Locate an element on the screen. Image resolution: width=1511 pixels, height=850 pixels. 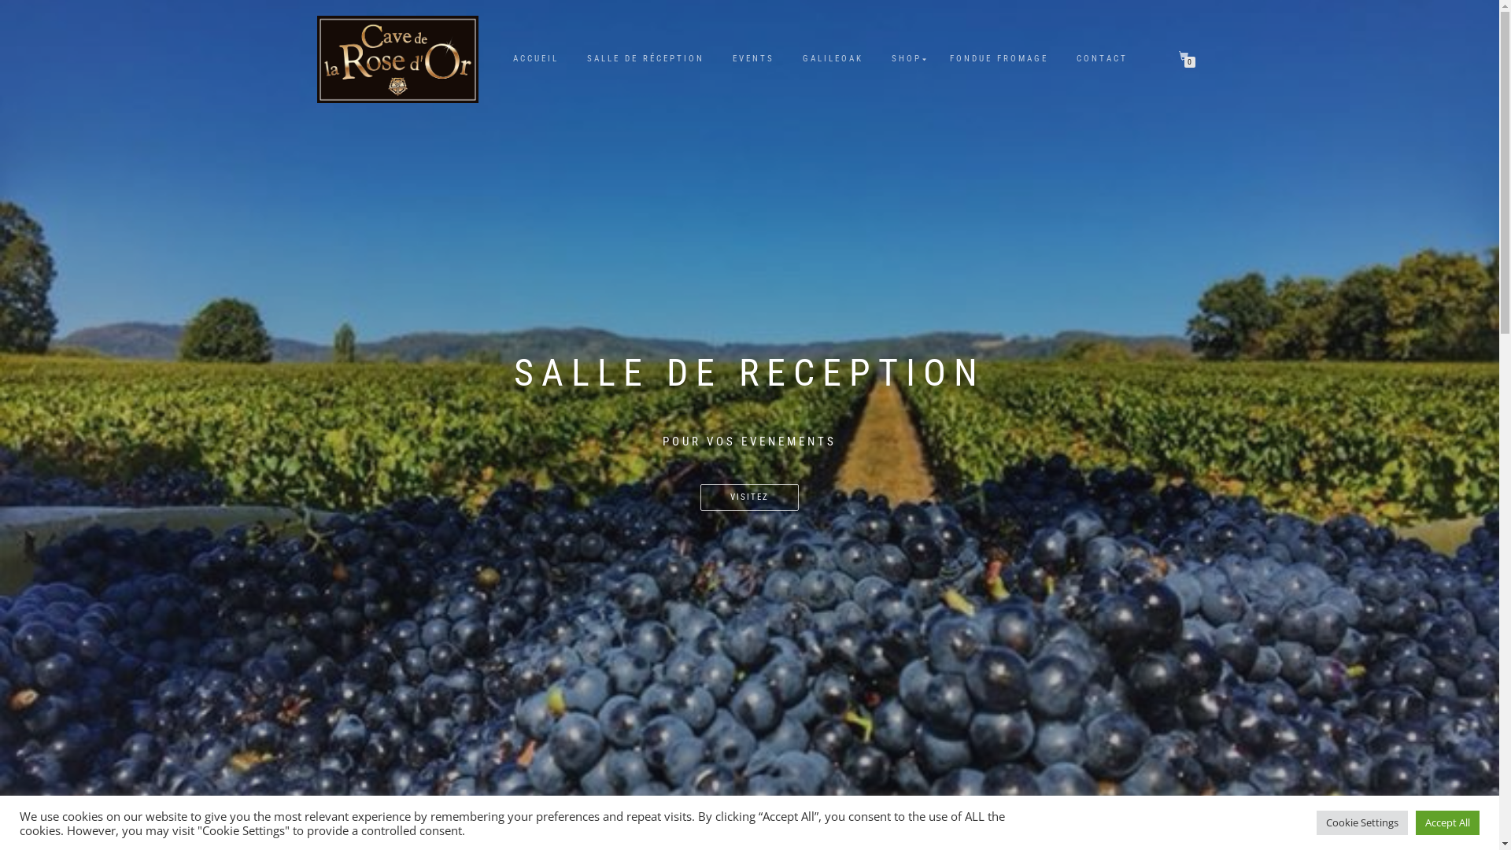
'Accept All' is located at coordinates (1447, 822).